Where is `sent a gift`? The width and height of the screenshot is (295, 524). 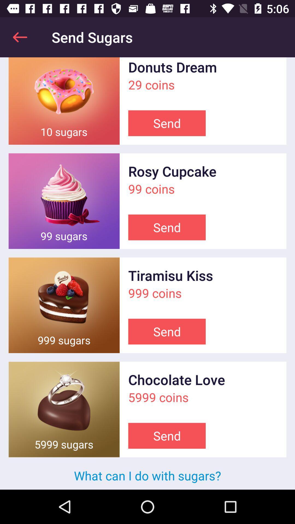 sent a gift is located at coordinates (64, 201).